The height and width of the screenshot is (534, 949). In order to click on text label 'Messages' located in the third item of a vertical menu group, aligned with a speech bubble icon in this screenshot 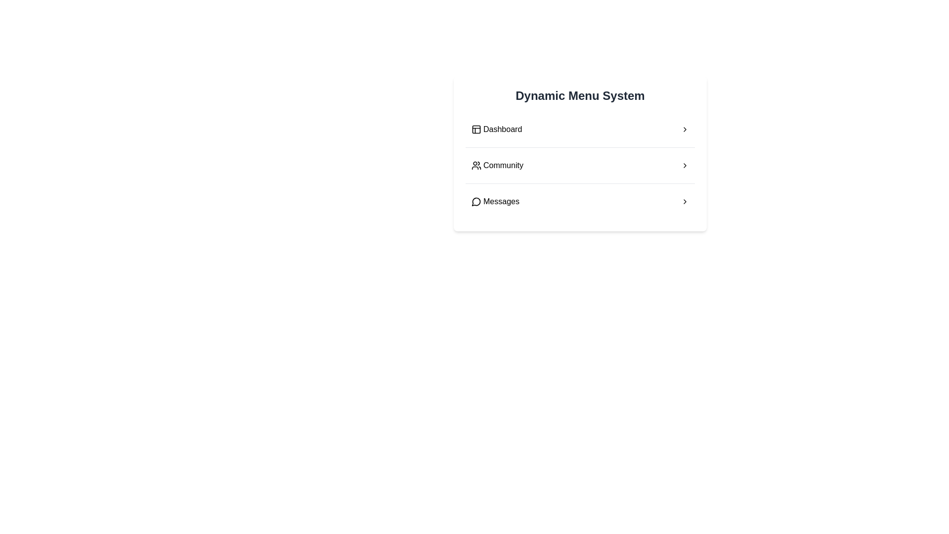, I will do `click(501, 201)`.